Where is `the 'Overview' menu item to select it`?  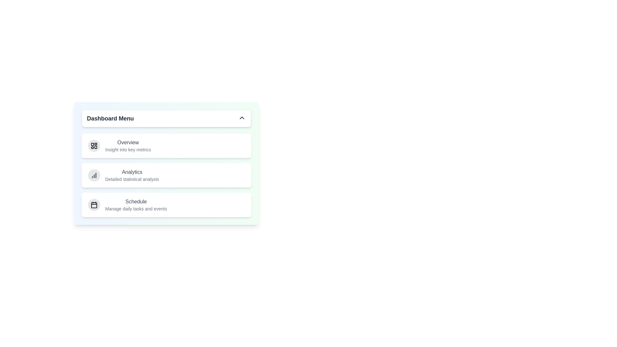 the 'Overview' menu item to select it is located at coordinates (128, 142).